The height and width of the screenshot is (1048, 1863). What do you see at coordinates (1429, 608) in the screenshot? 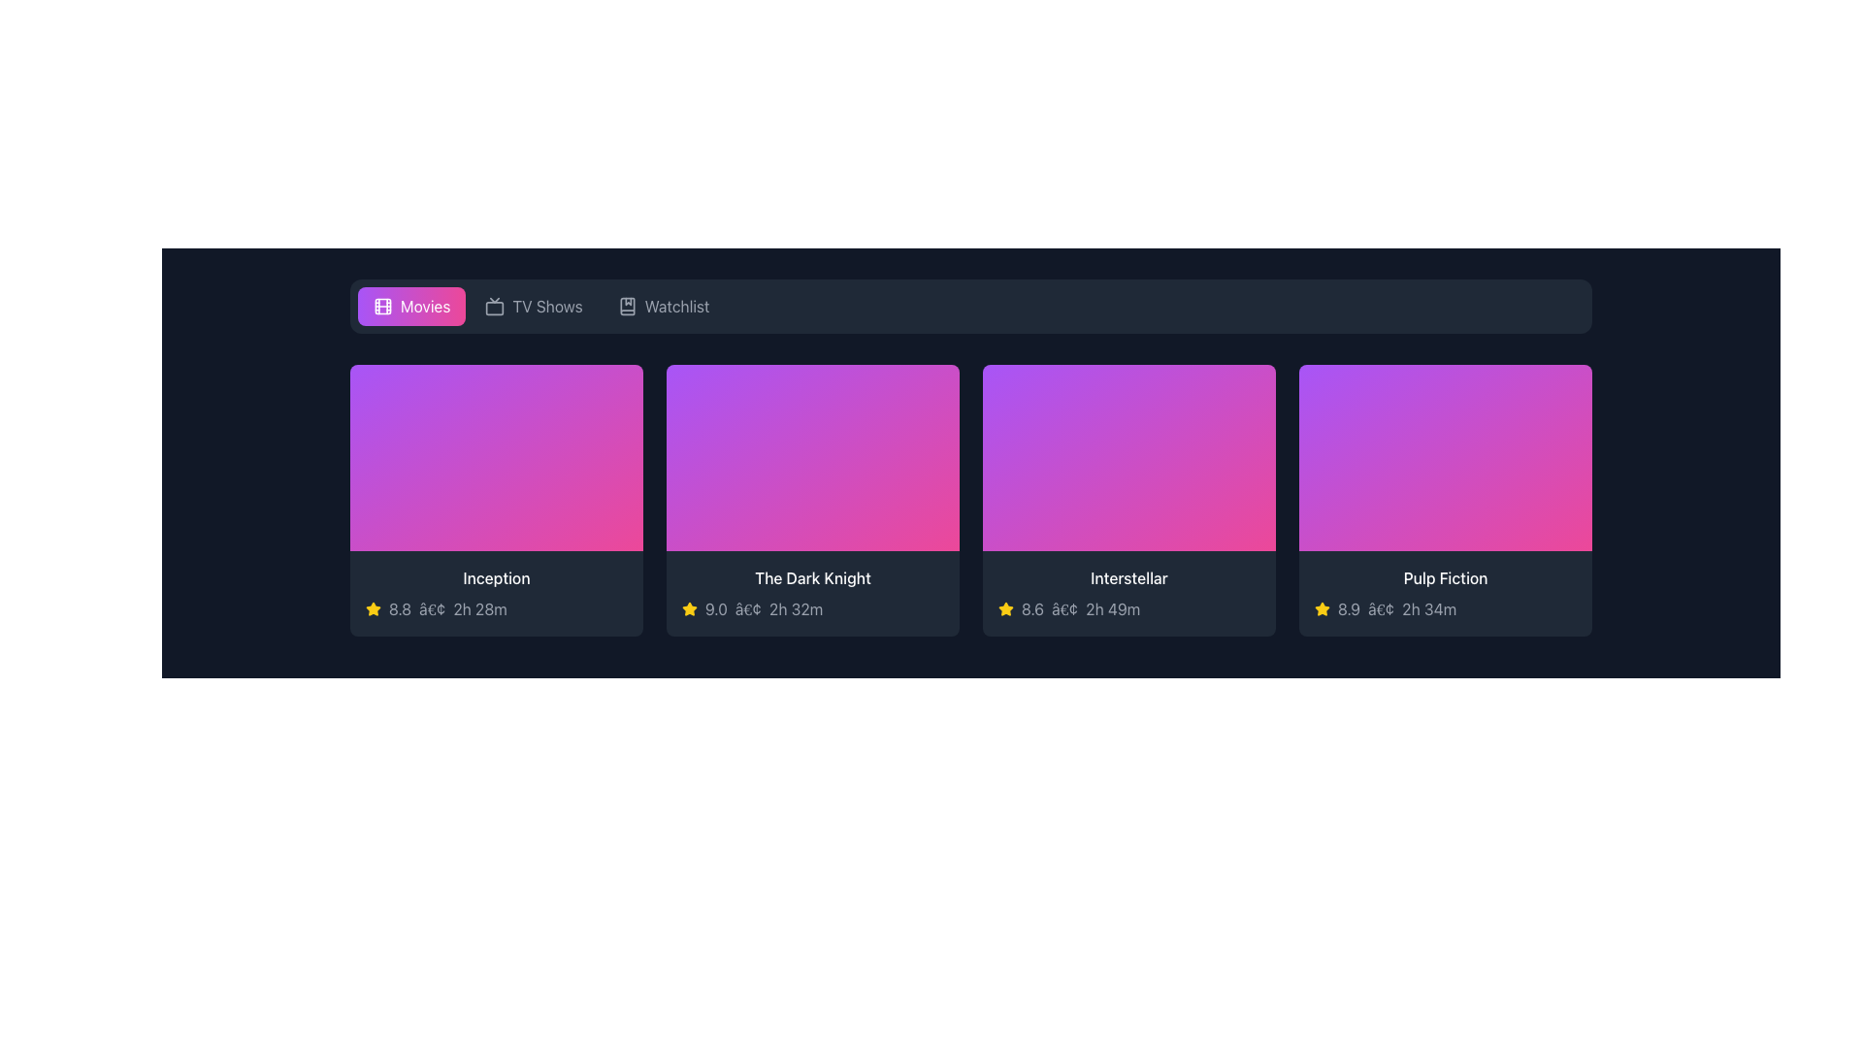
I see `the static text label displaying '2h 34m' at the bottom of the movie card for 'Pulp Fiction'` at bounding box center [1429, 608].